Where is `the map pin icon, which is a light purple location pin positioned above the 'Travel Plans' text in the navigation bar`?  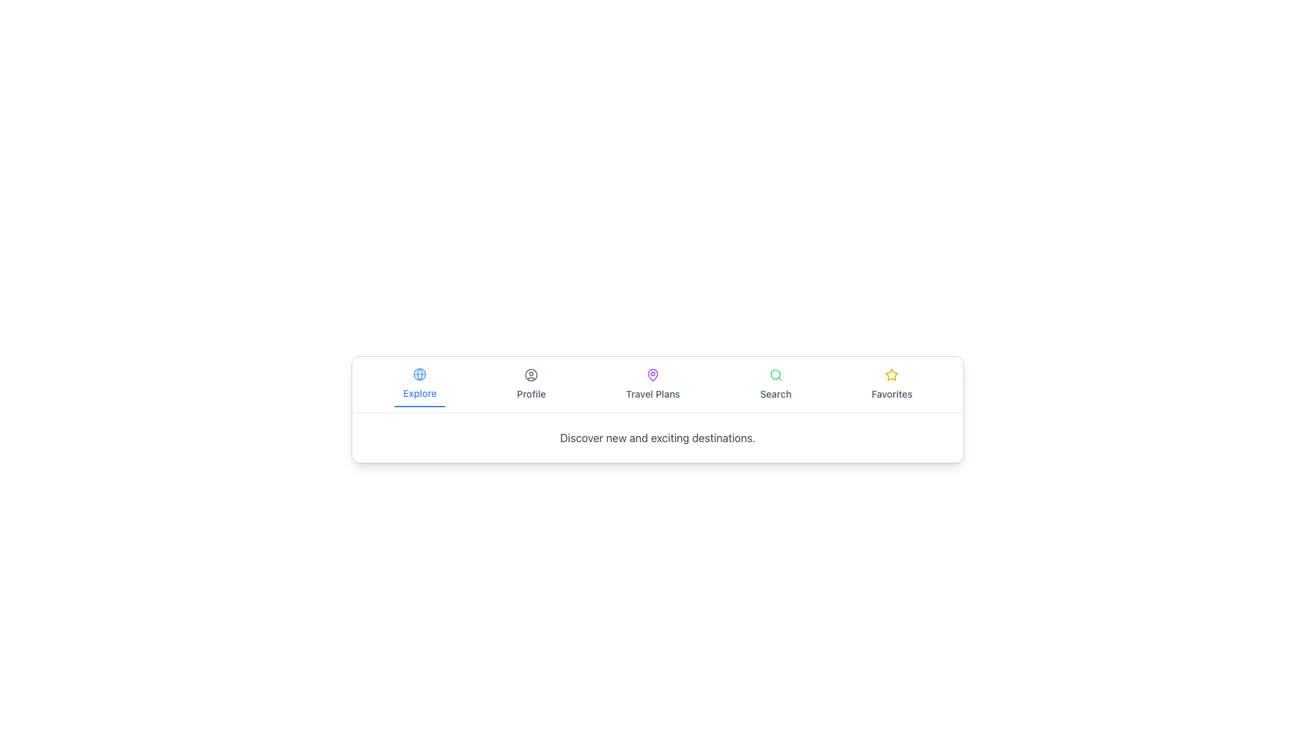 the map pin icon, which is a light purple location pin positioned above the 'Travel Plans' text in the navigation bar is located at coordinates (652, 374).